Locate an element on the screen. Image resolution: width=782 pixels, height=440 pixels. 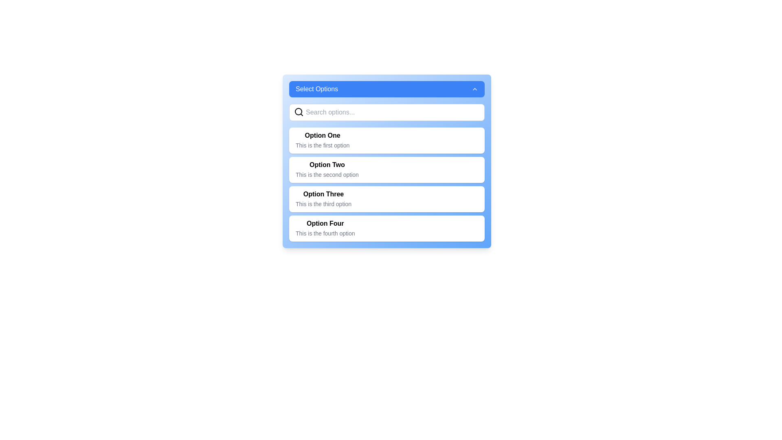
the grey-colored text label that reads 'This is the second option', located beneath the heading 'Option Two' is located at coordinates (327, 174).